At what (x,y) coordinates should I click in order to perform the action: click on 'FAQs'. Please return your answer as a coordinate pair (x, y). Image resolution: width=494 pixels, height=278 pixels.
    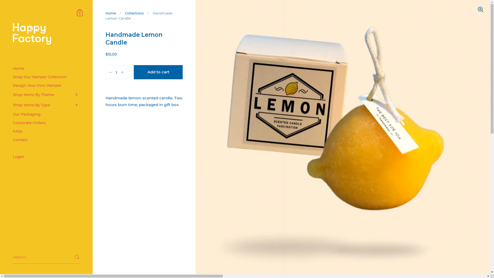
    Looking at the image, I should click on (46, 131).